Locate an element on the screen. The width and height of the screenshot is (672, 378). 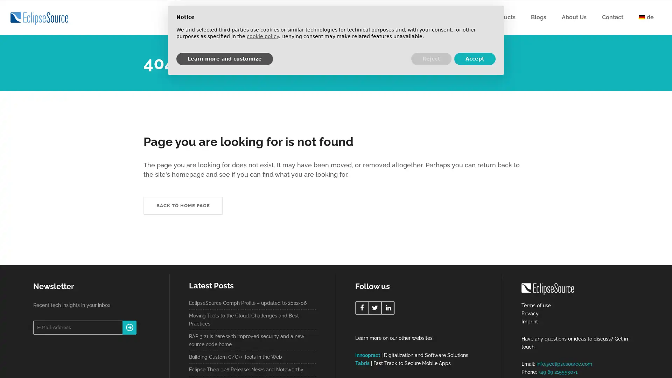
Reject is located at coordinates (431, 58).